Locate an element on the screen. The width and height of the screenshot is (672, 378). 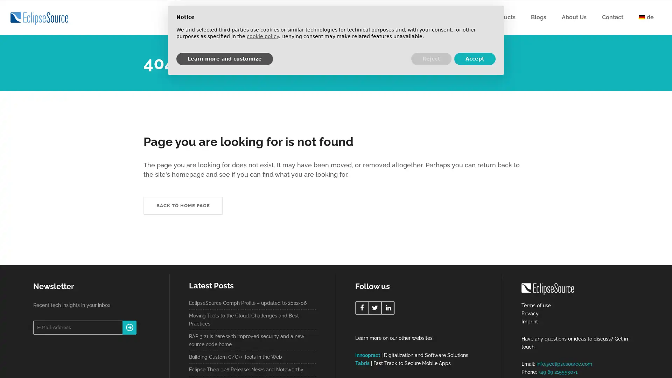
Reject is located at coordinates (431, 58).